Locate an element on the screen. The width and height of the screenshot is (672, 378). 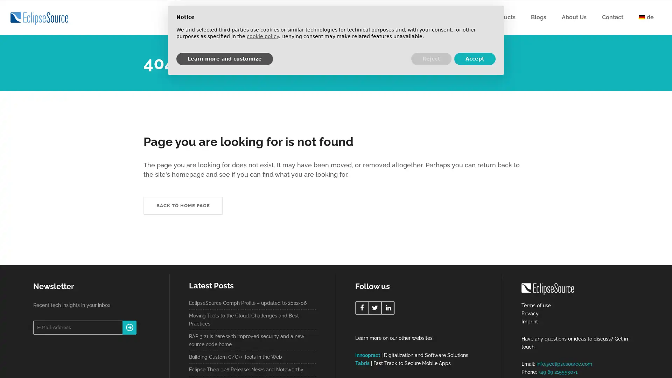
Reject is located at coordinates (431, 58).